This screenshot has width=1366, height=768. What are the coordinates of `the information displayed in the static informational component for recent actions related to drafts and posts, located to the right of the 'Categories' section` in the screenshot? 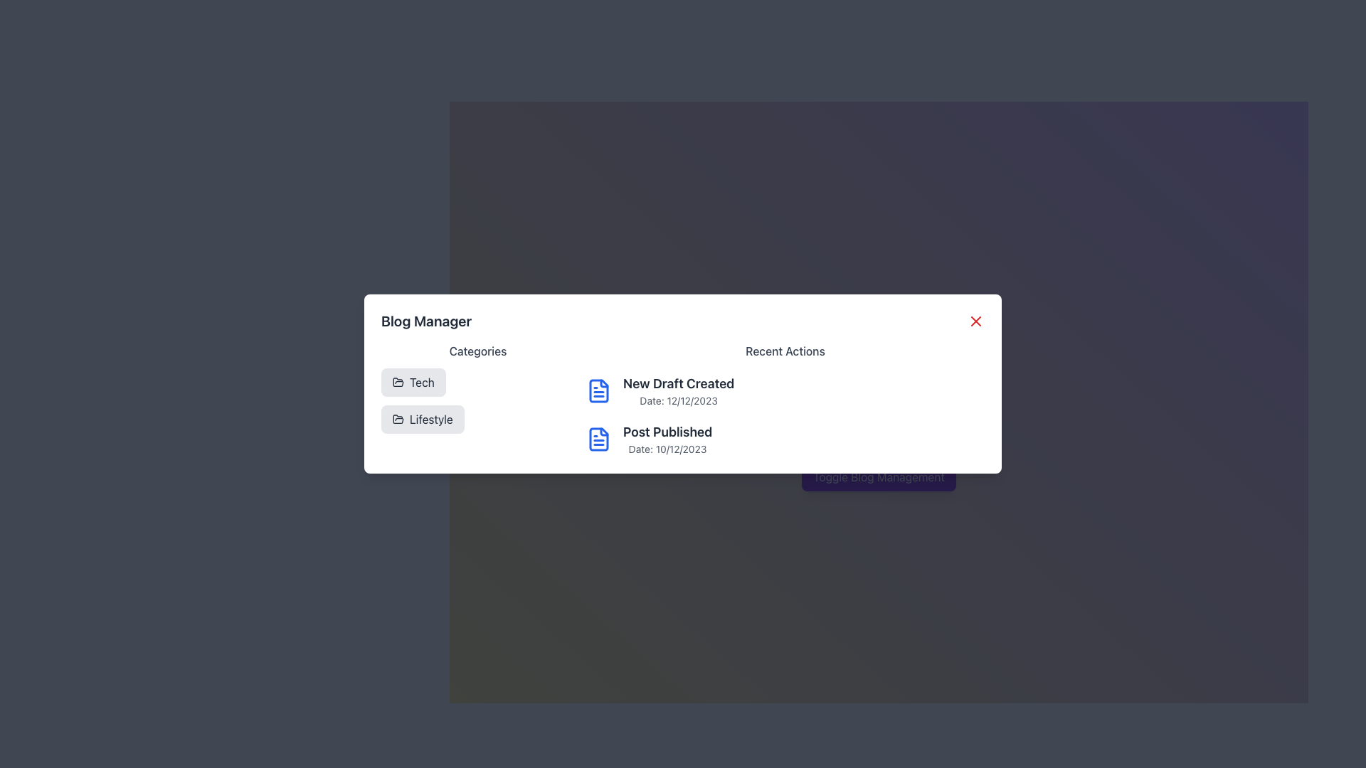 It's located at (785, 400).